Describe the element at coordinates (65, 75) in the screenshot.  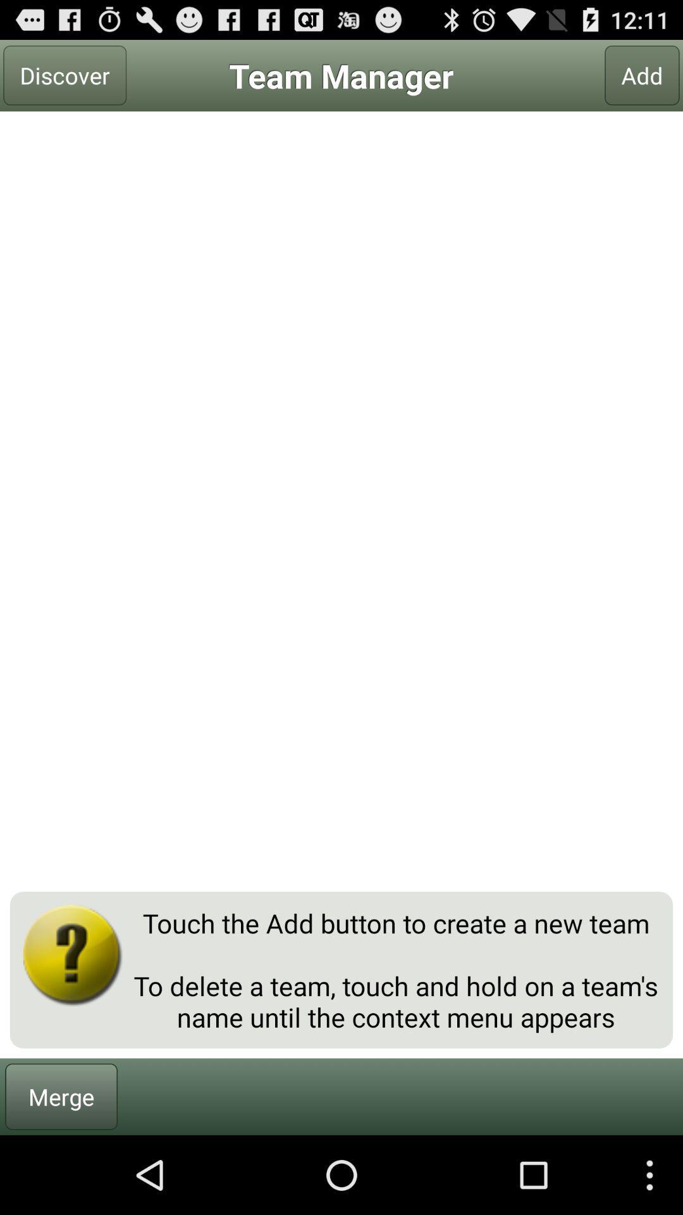
I see `the discover icon` at that location.